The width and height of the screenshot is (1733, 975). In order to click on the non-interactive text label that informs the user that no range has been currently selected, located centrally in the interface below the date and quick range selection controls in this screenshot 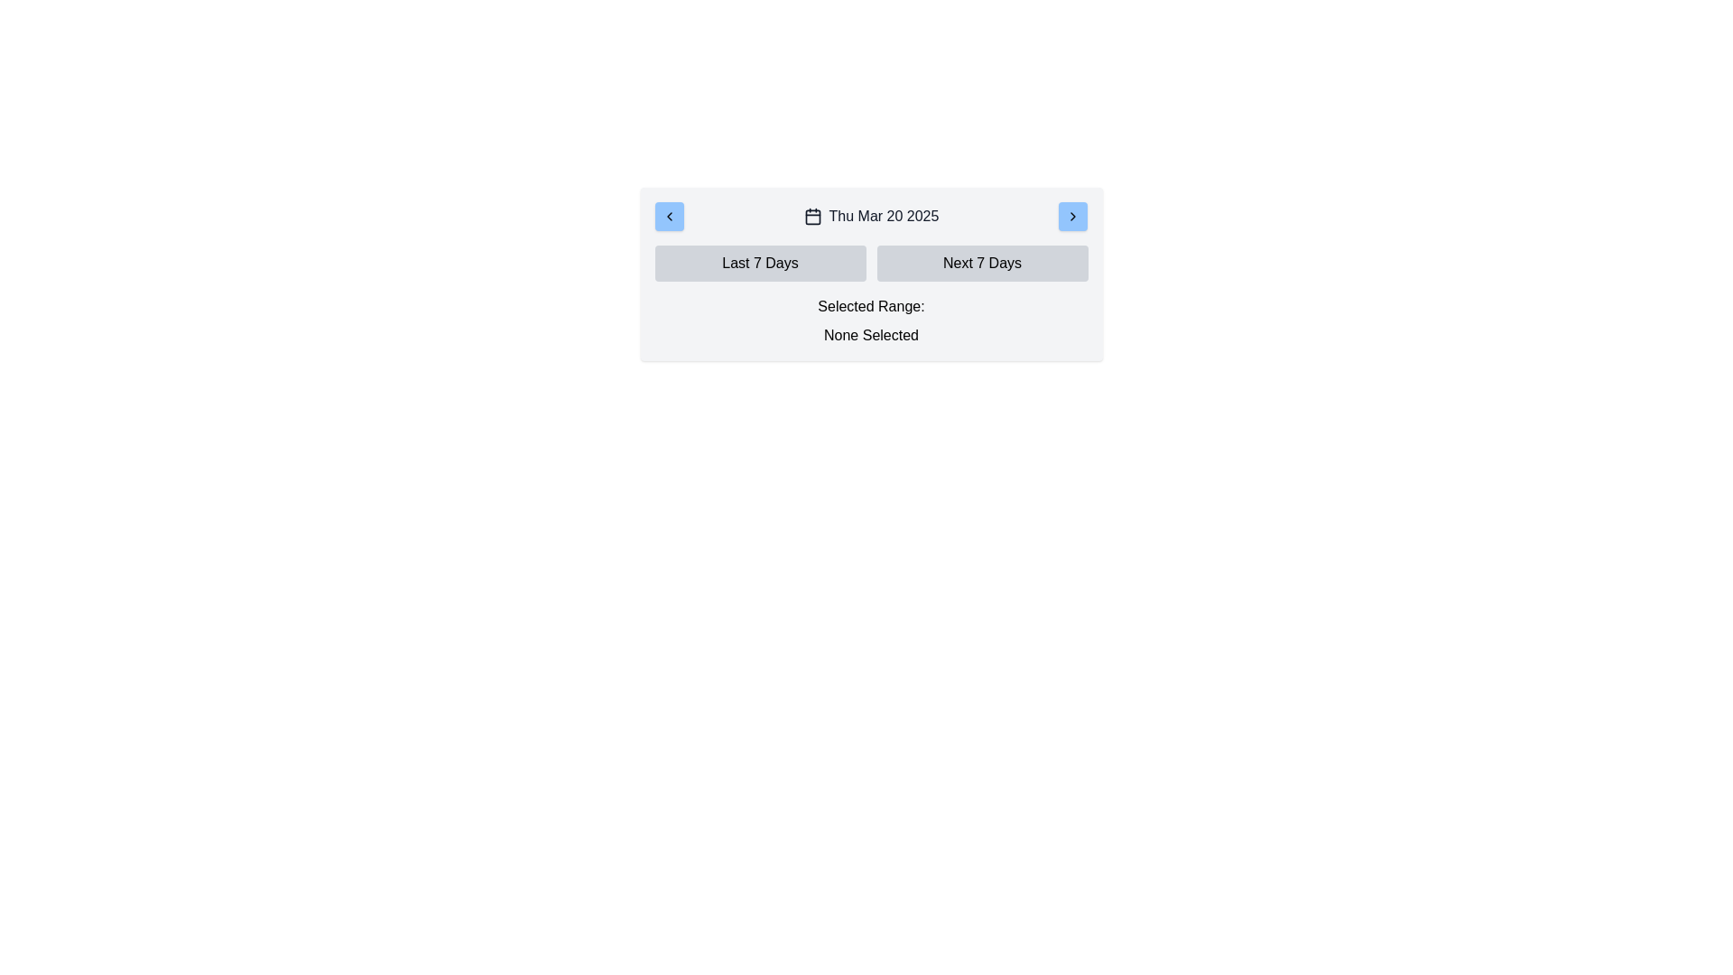, I will do `click(871, 335)`.